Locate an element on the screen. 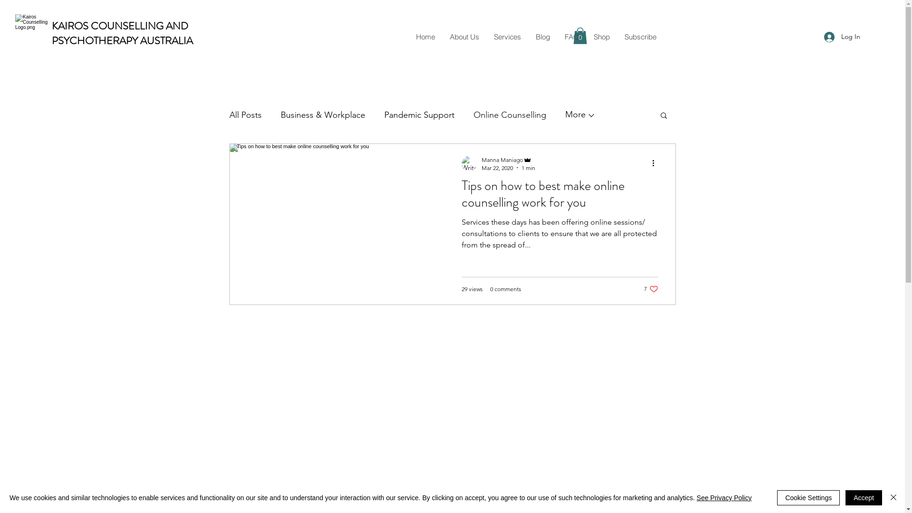  'Online Counselling' is located at coordinates (509, 114).